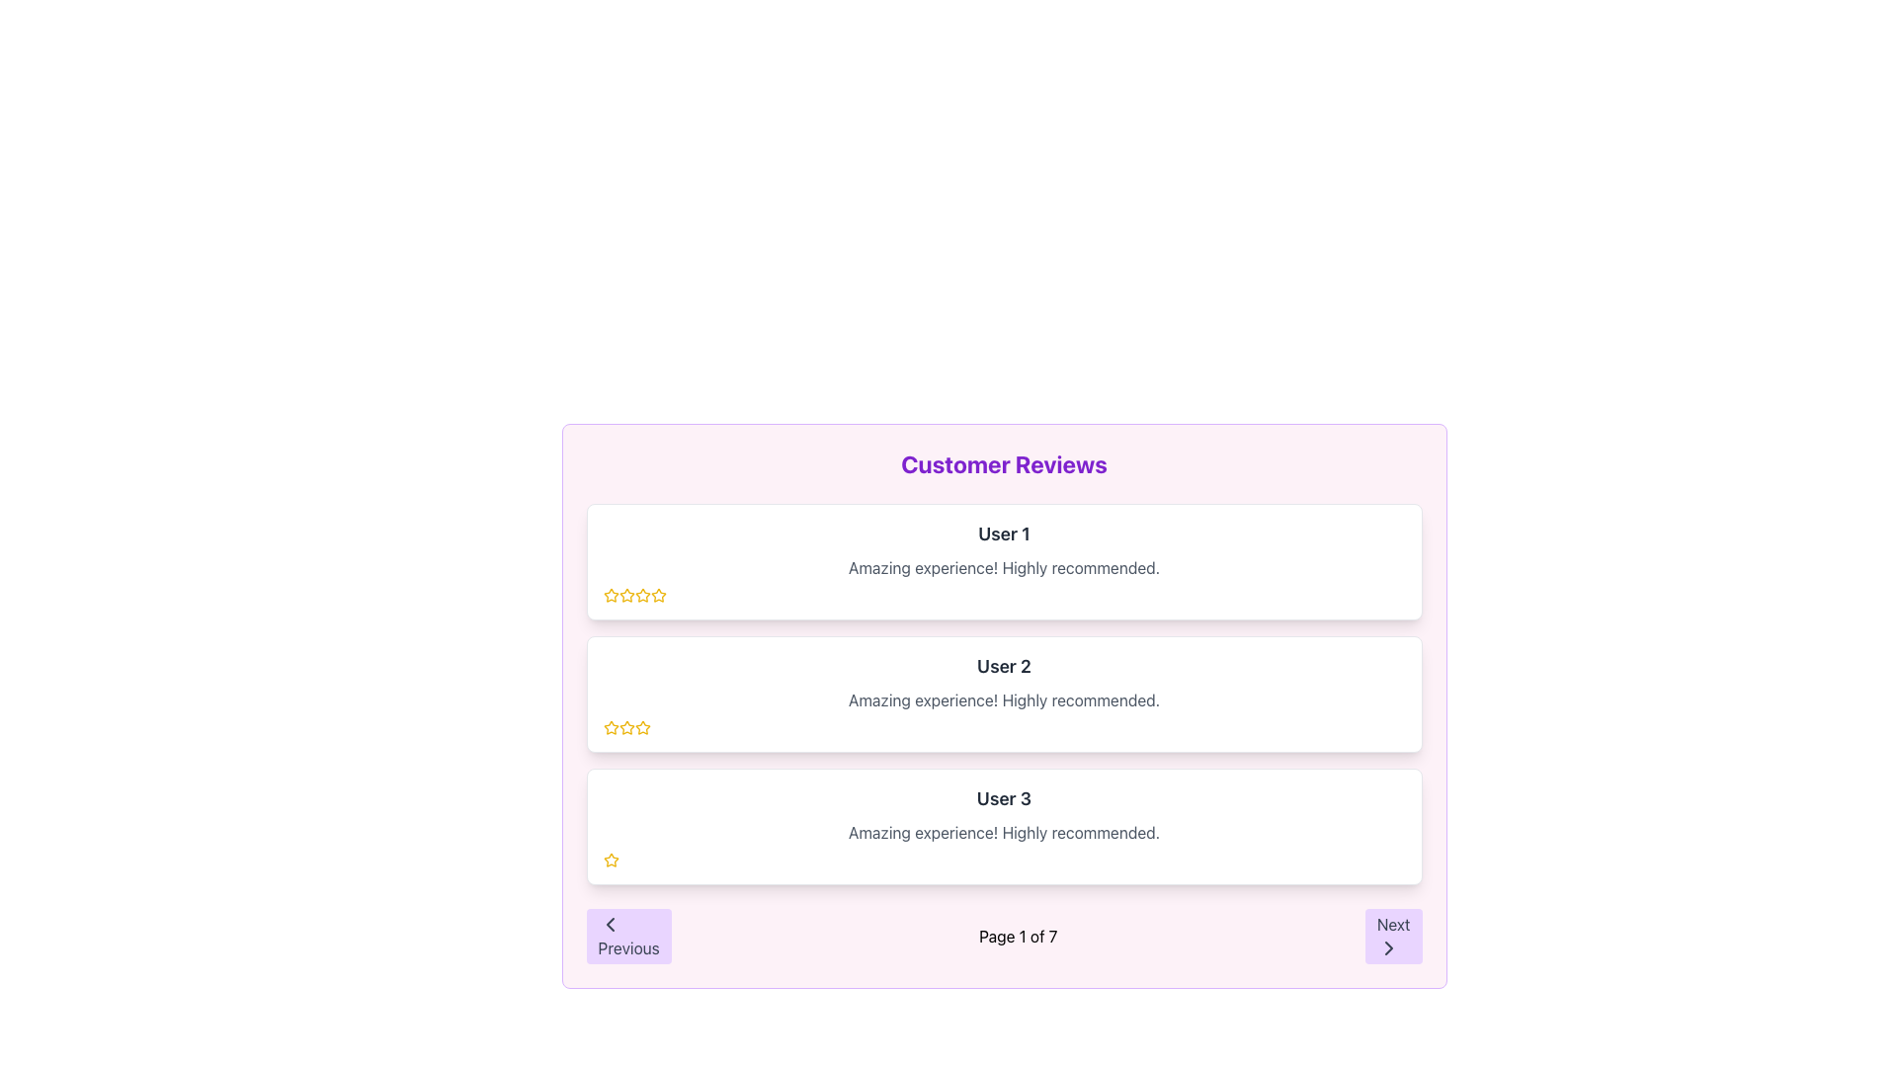 The image size is (1897, 1067). Describe the element at coordinates (610, 860) in the screenshot. I see `the first star icon in the Customer Reviews section, which visually represents a rating system` at that location.